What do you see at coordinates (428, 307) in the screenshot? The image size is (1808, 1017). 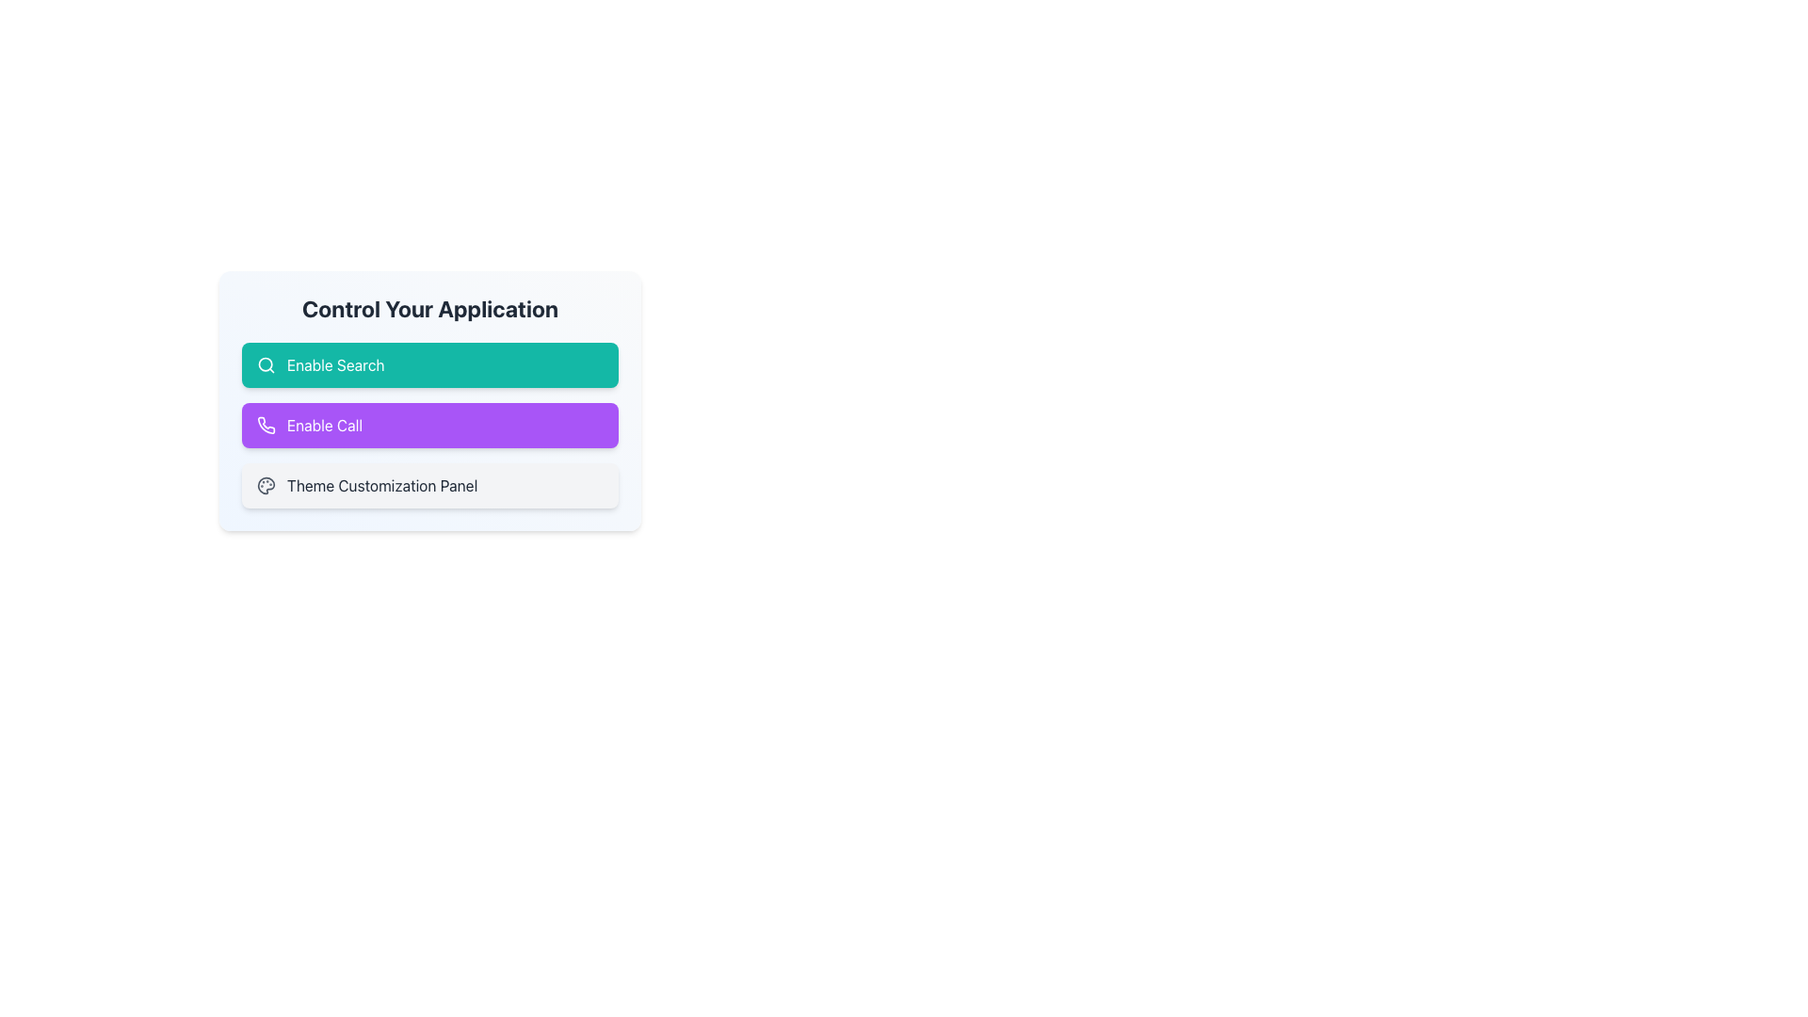 I see `the title text element located at the top of the card, which summarizes the purpose of the options below it` at bounding box center [428, 307].